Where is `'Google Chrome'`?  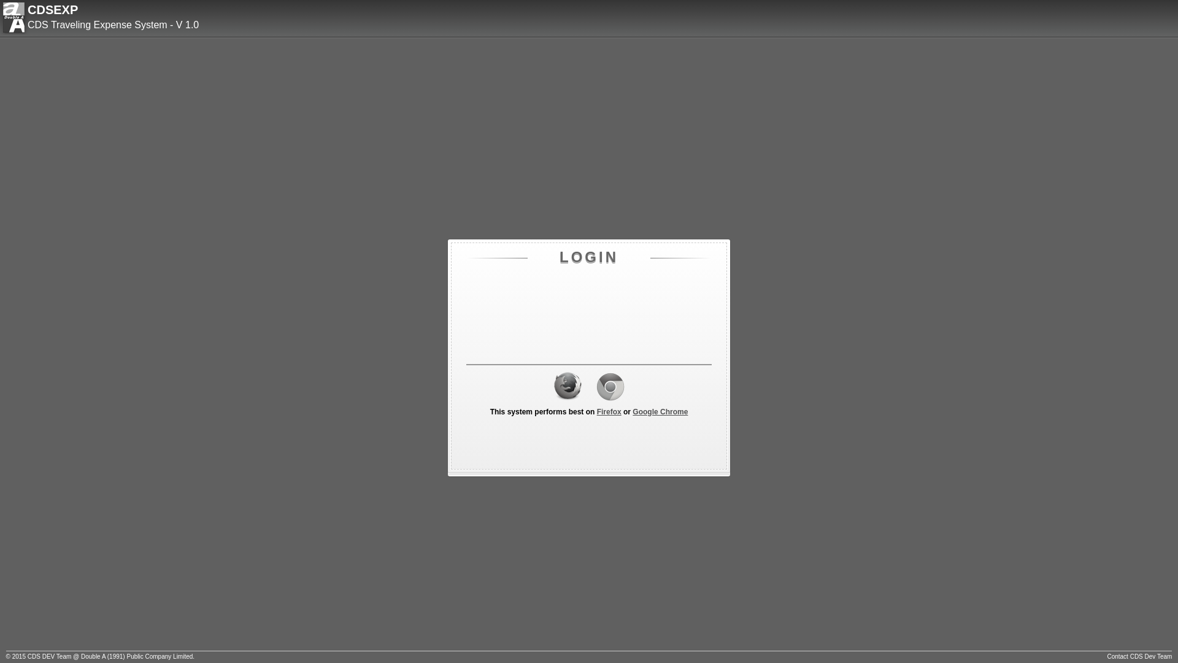
'Google Chrome' is located at coordinates (659, 412).